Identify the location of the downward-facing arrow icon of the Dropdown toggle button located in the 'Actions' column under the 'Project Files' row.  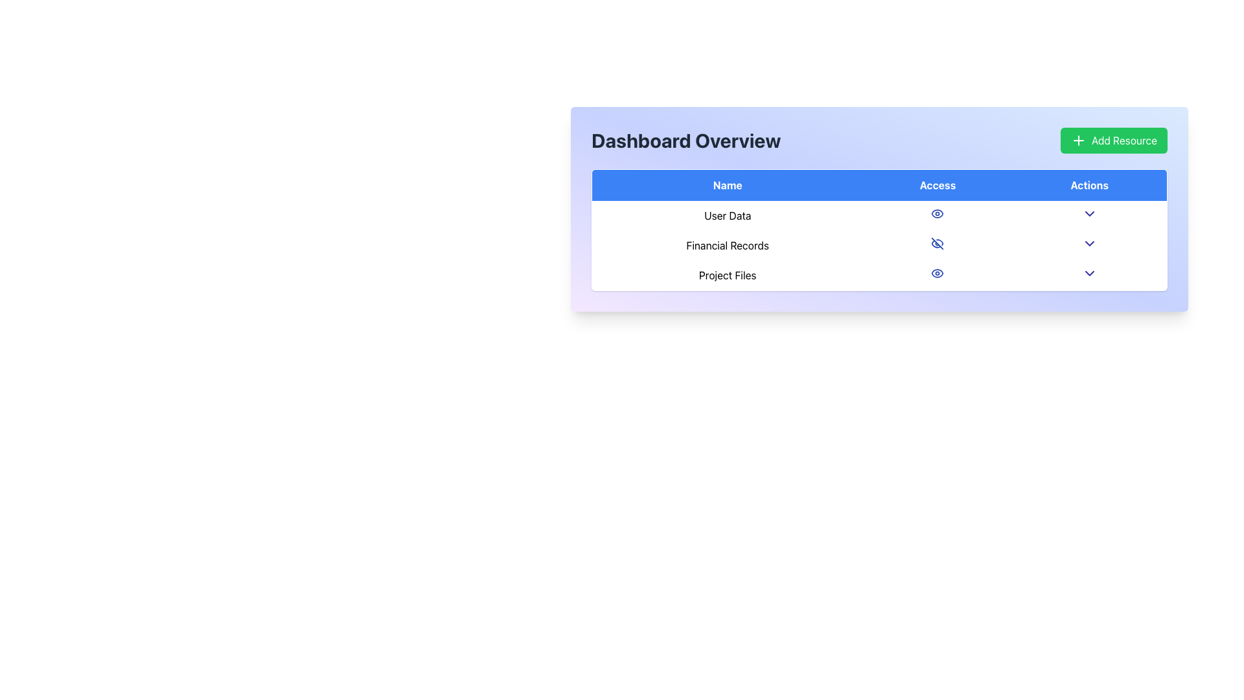
(1088, 275).